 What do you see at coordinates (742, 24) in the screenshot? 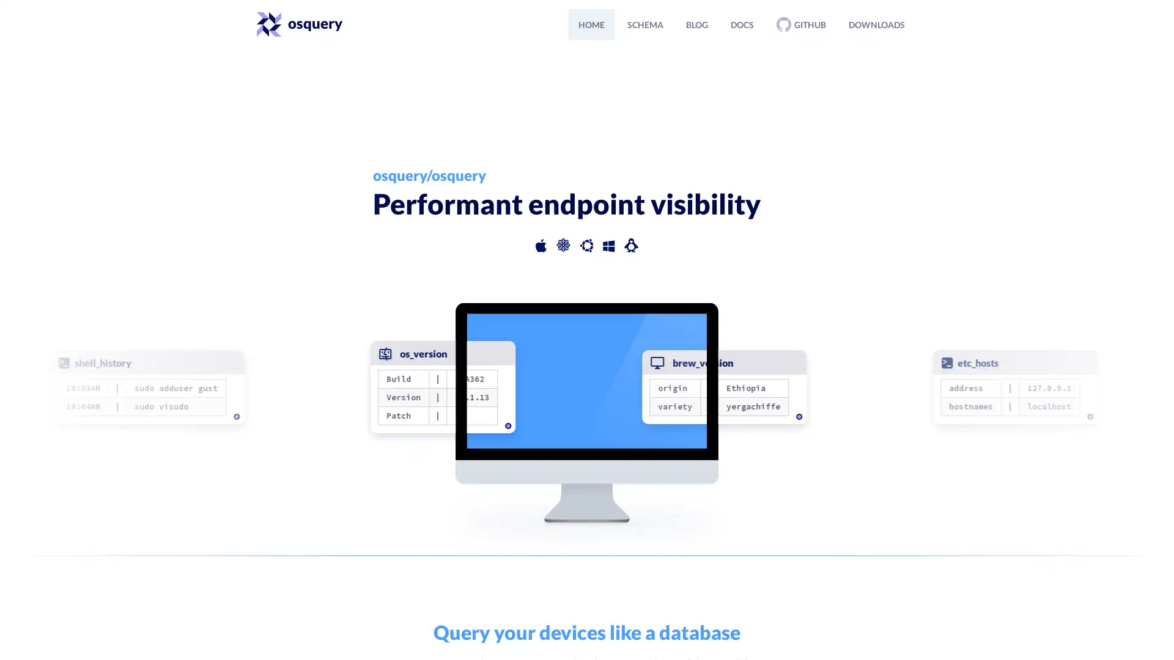
I see `DOCS` at bounding box center [742, 24].